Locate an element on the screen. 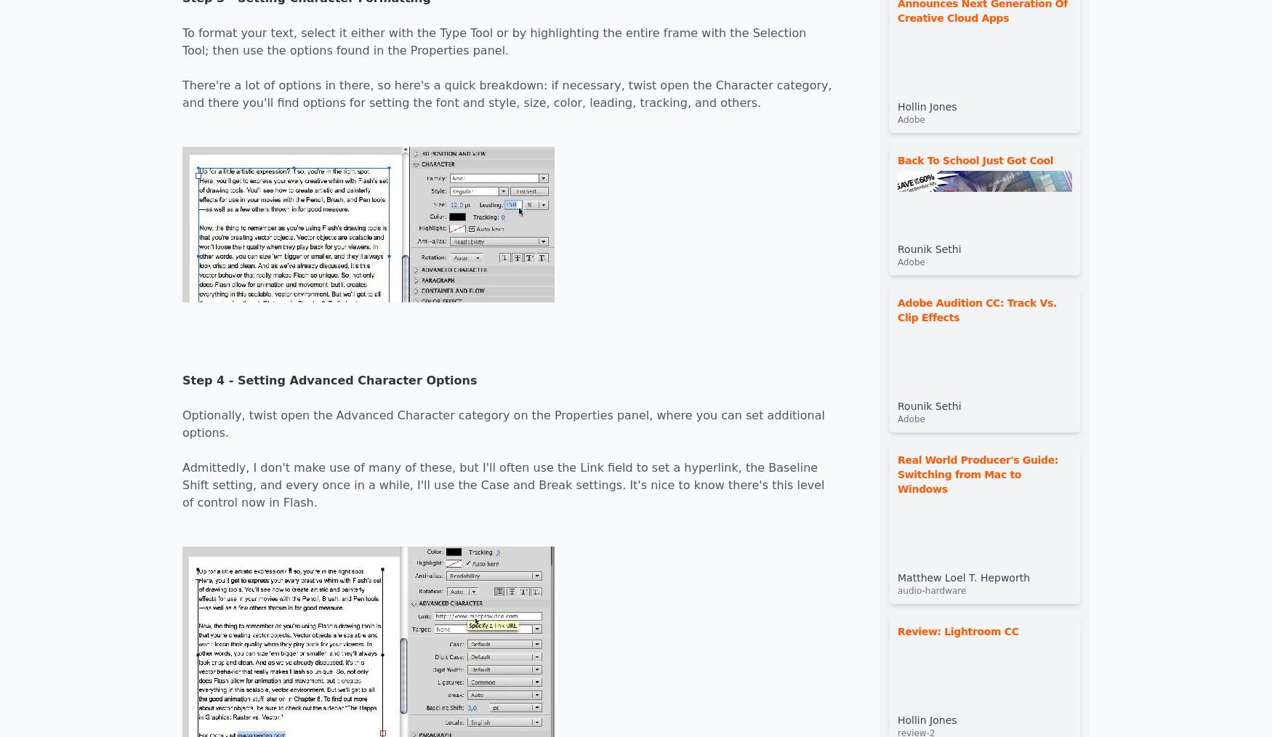 The height and width of the screenshot is (737, 1272). 'Admittedly, I don't make use of many of these, but I'll often use the Link field to set a hyperlink, the Baseline Shift setting, and every once in a while, I'll use the Case and Break settings. It's nice to know there's this level of control now in Flash.' is located at coordinates (503, 485).